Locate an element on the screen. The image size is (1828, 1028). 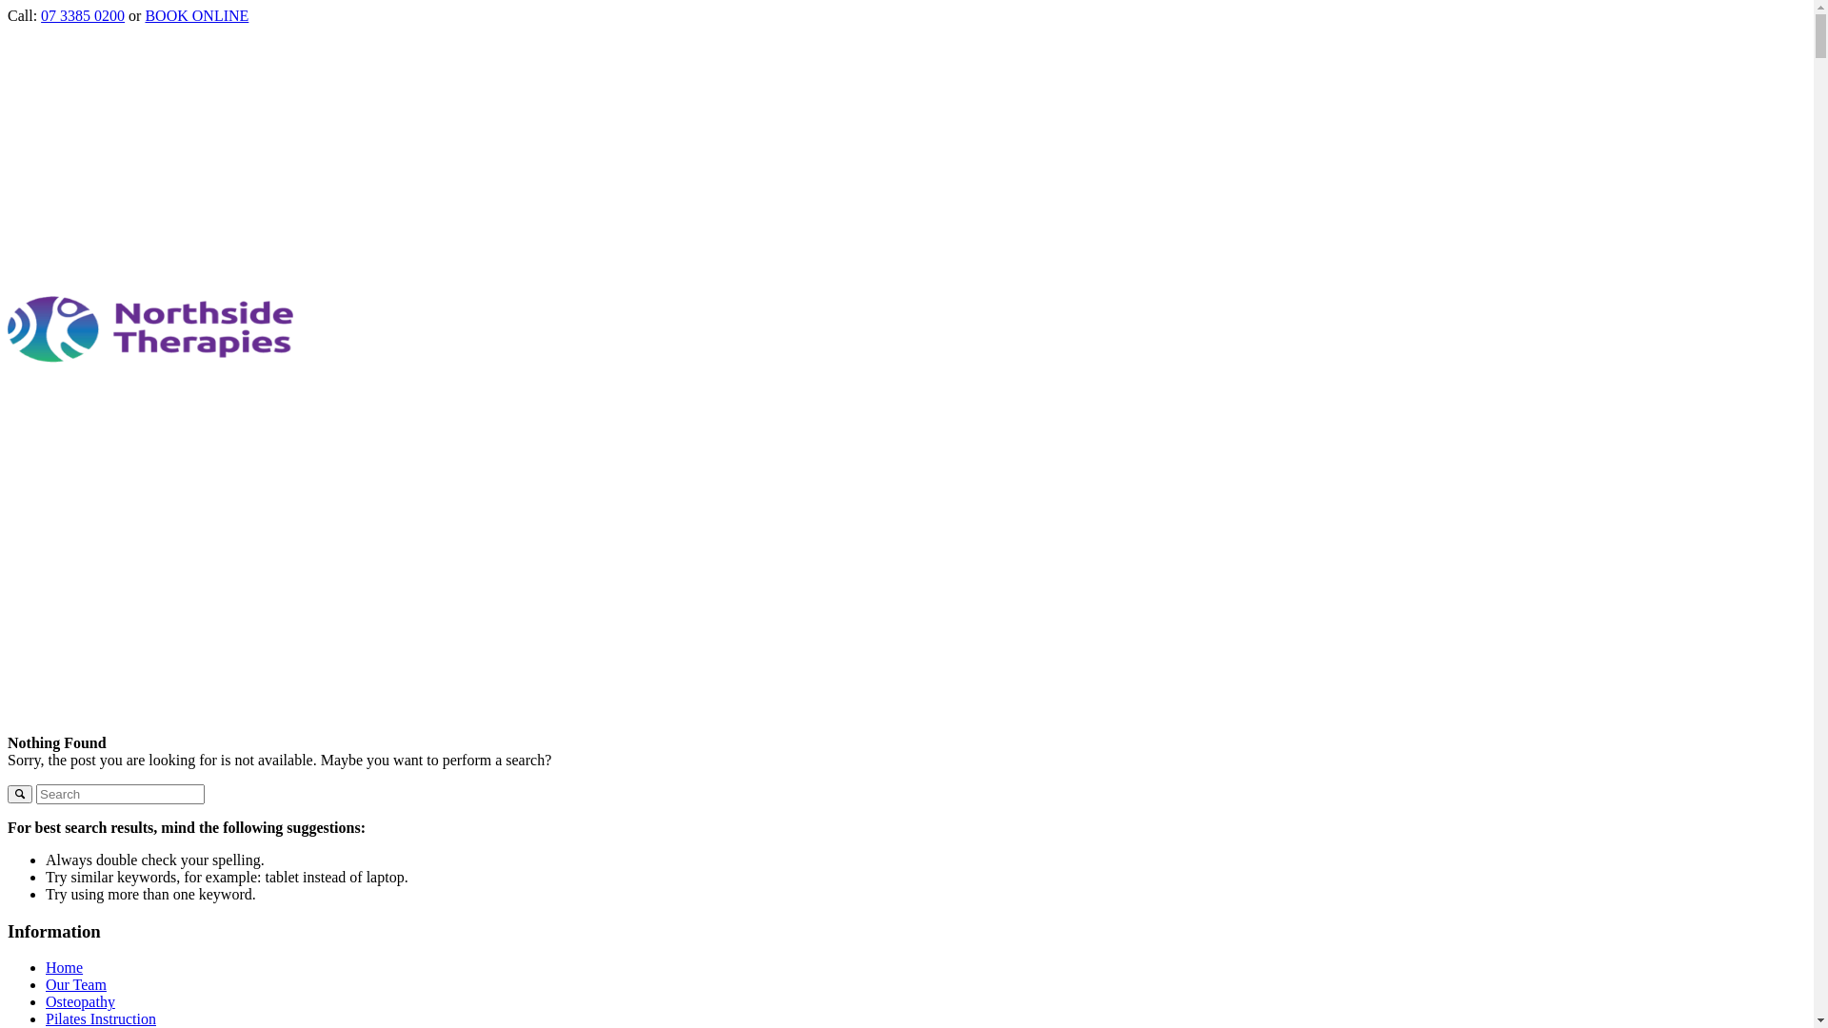
'Osteopathy' is located at coordinates (46, 1000).